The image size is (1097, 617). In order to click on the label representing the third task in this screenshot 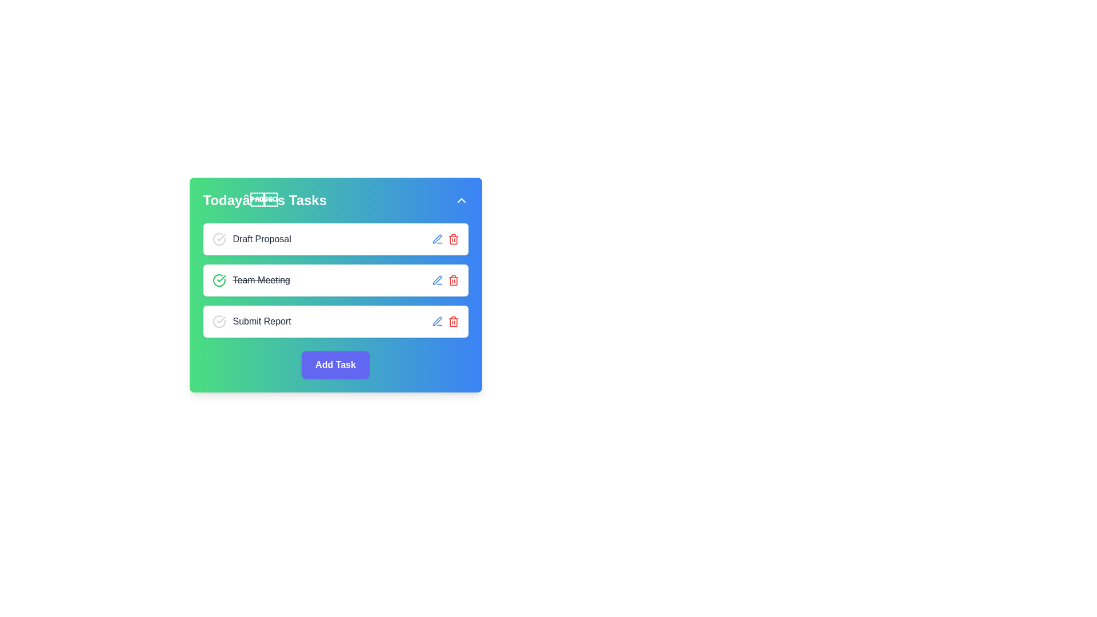, I will do `click(251, 322)`.